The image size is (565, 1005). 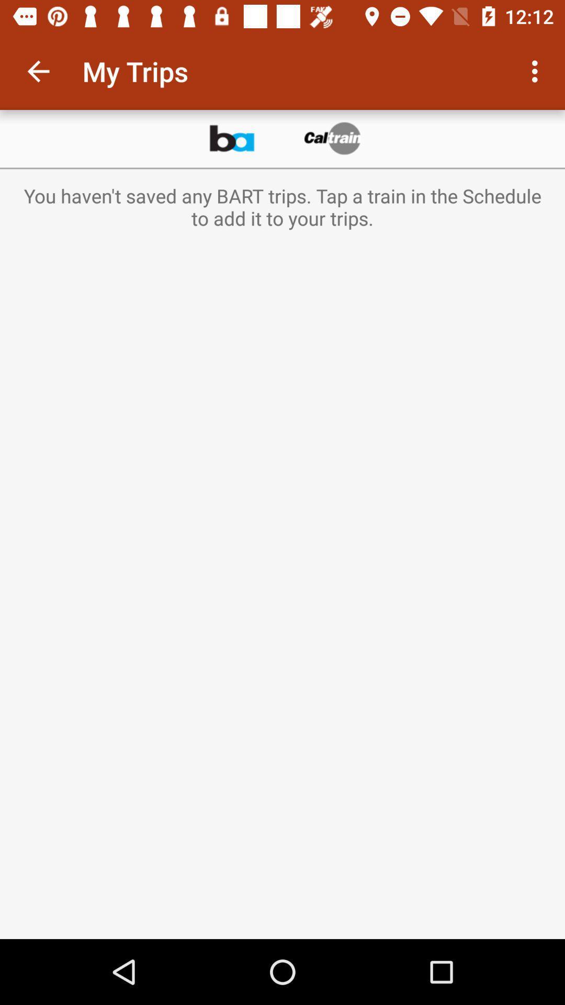 I want to click on activate caltrain, so click(x=333, y=138).